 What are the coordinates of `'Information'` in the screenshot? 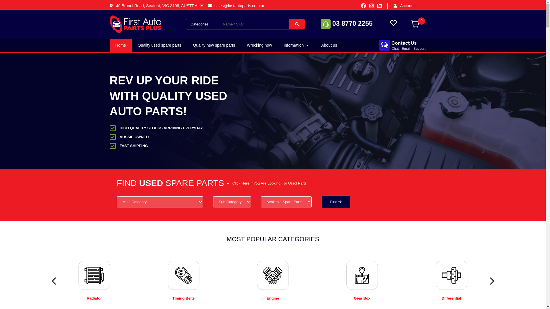 It's located at (278, 45).